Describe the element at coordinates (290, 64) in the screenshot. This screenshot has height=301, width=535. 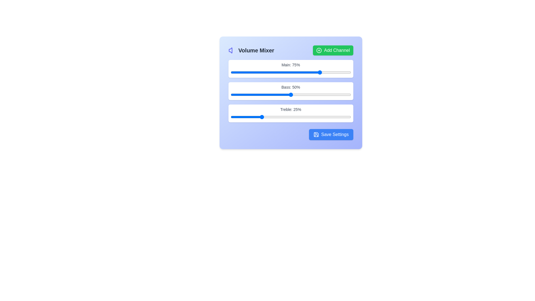
I see `the 'Main: 75%' label text element, which is styled in gray on a white background and located above a progress bar in the 'Volume Mixer' interface` at that location.